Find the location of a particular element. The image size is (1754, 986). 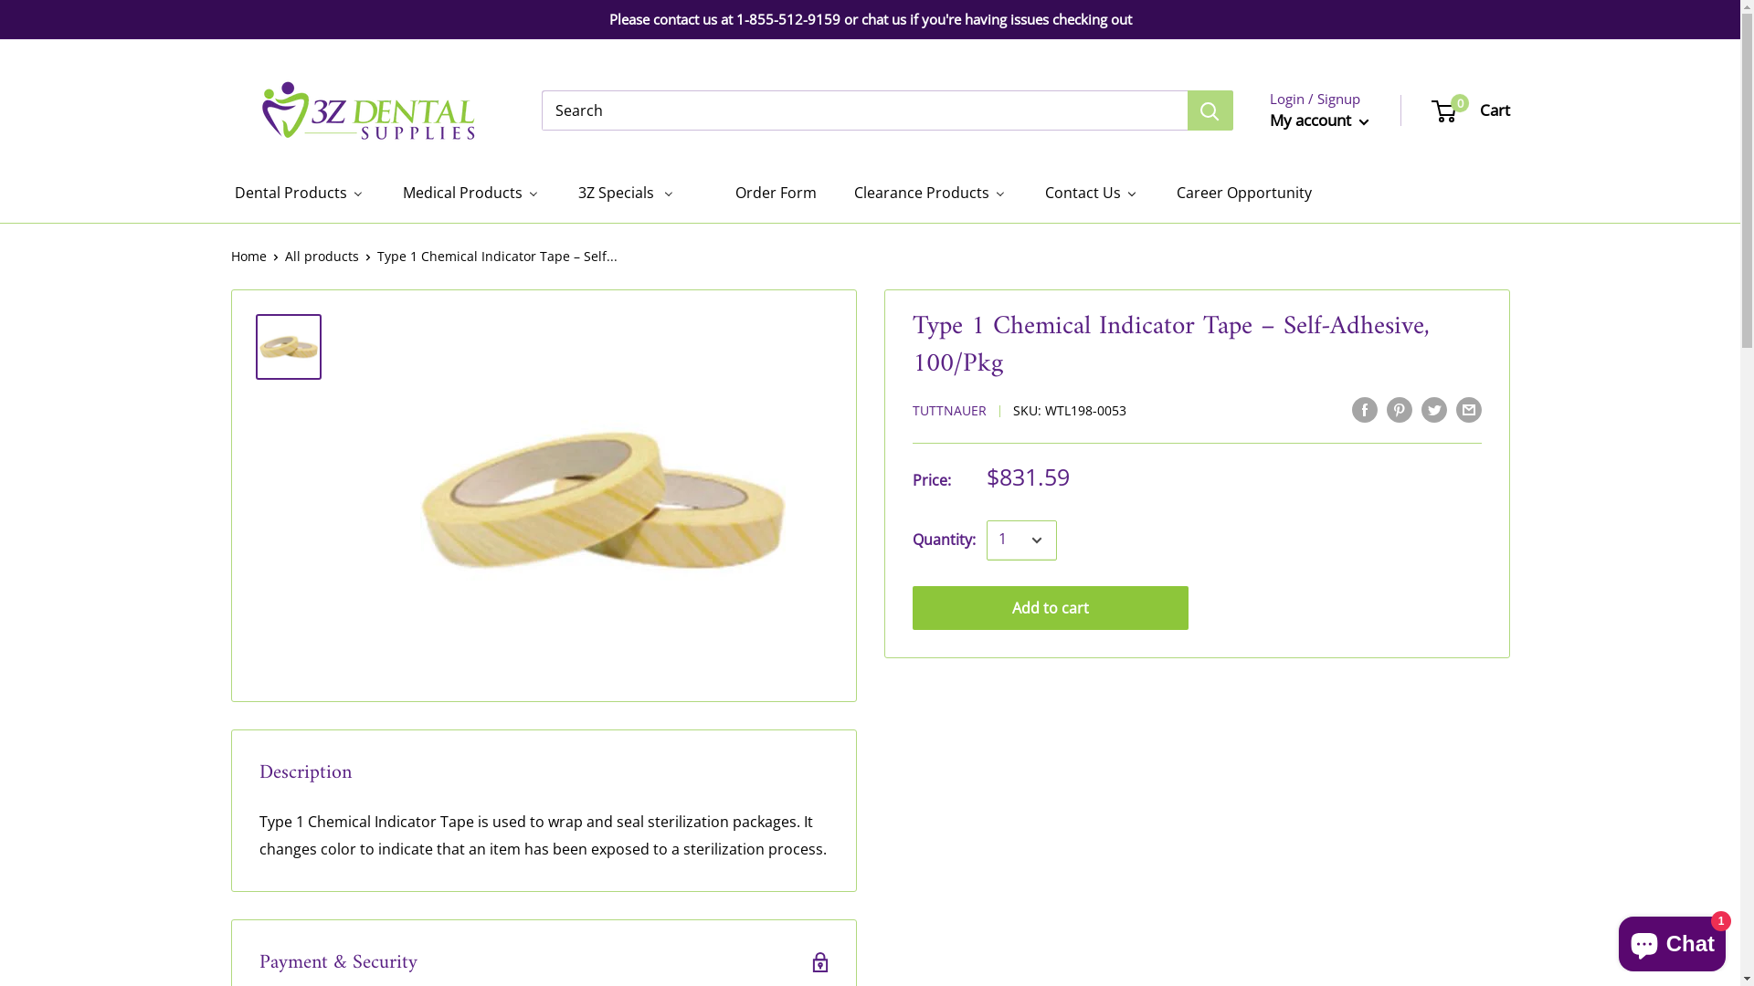

'Dental Products' is located at coordinates (298, 193).